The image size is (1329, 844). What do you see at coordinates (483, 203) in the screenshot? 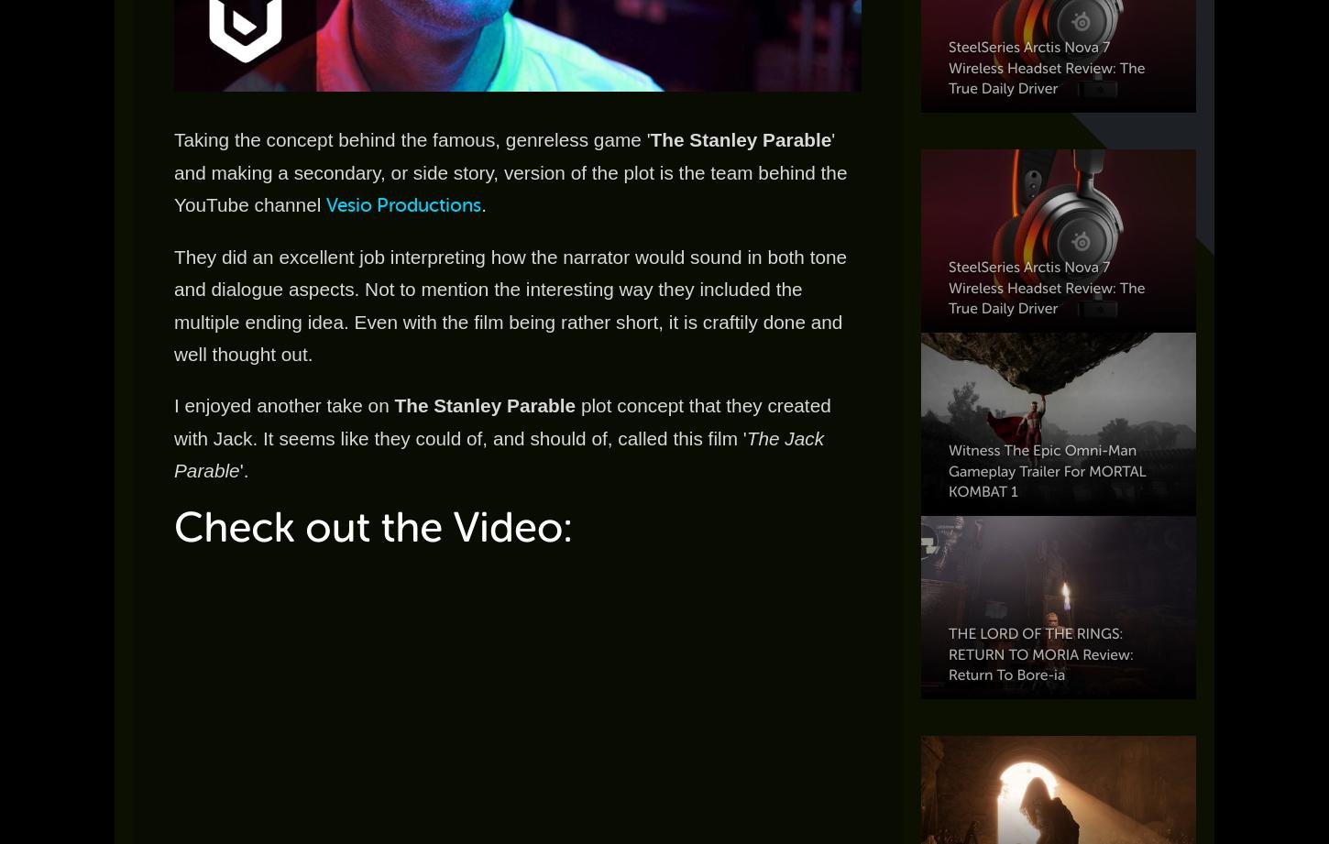
I see `'.'` at bounding box center [483, 203].